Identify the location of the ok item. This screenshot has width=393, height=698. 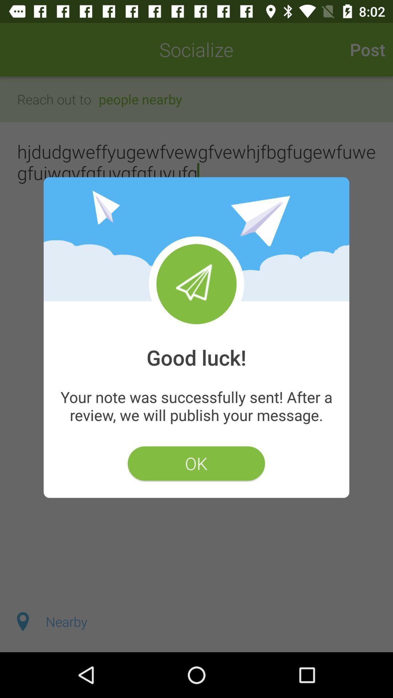
(196, 463).